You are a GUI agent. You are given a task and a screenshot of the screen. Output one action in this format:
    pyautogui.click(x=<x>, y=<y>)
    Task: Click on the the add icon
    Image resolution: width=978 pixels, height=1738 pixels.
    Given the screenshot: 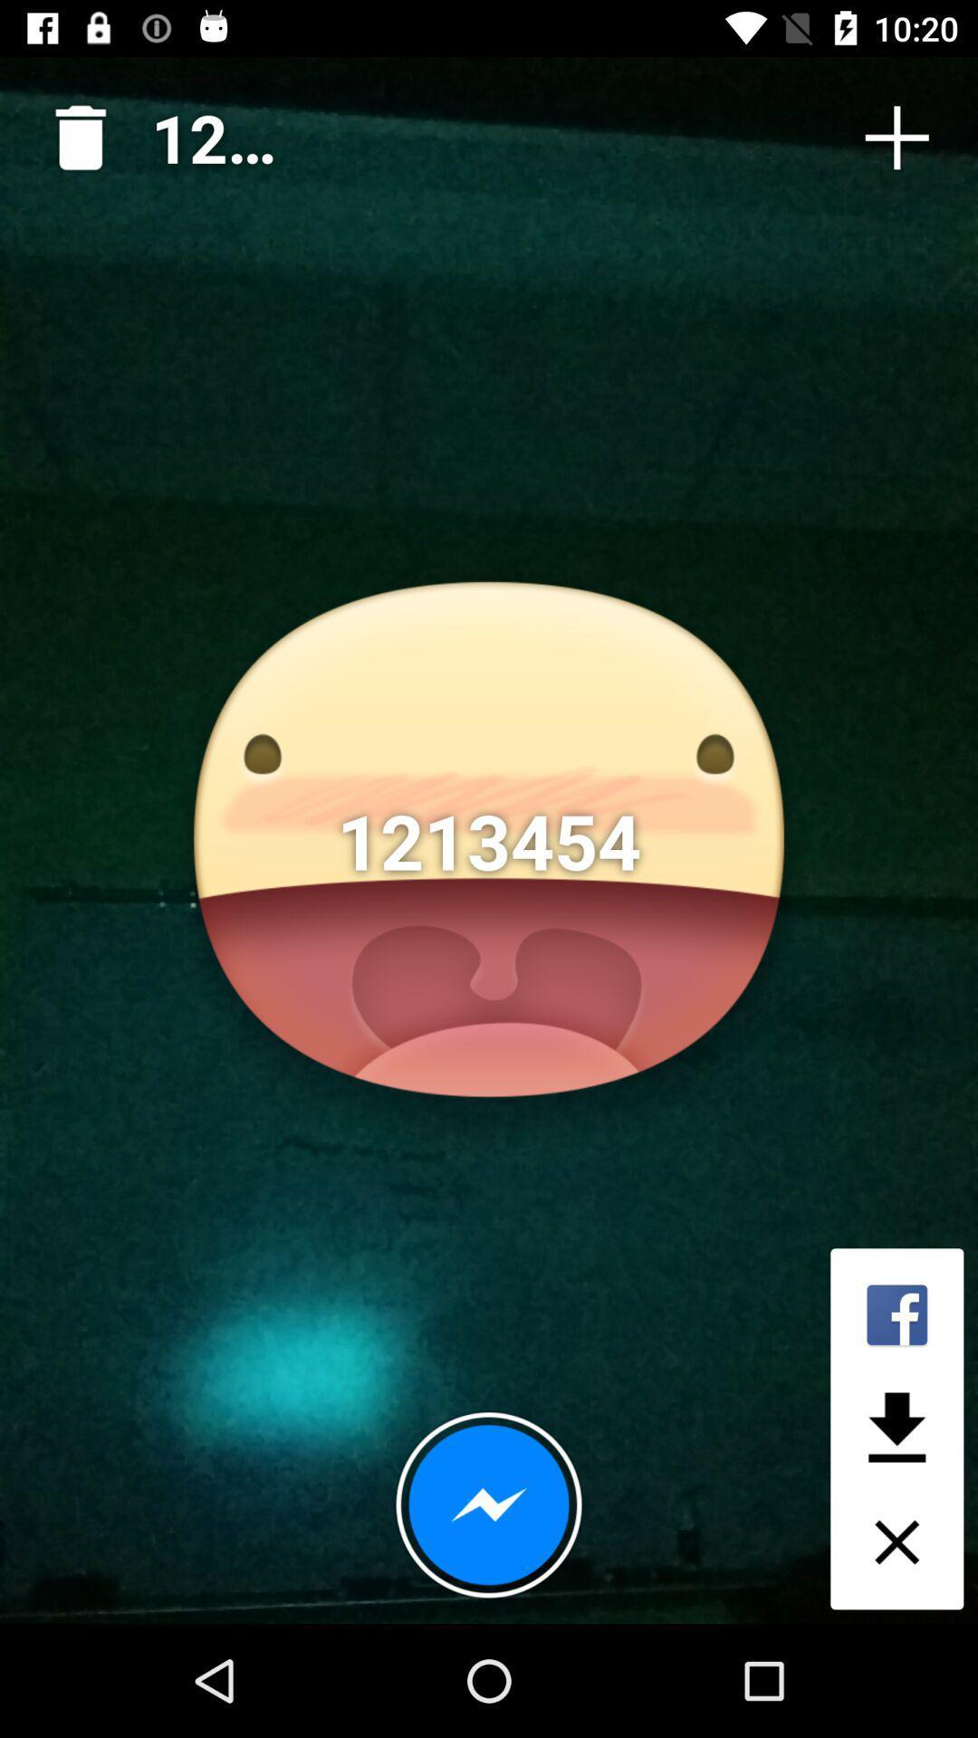 What is the action you would take?
    pyautogui.click(x=896, y=137)
    